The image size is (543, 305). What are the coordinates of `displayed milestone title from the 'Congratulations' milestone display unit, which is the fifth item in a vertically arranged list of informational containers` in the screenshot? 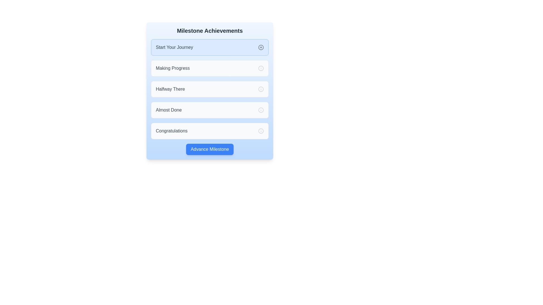 It's located at (210, 131).